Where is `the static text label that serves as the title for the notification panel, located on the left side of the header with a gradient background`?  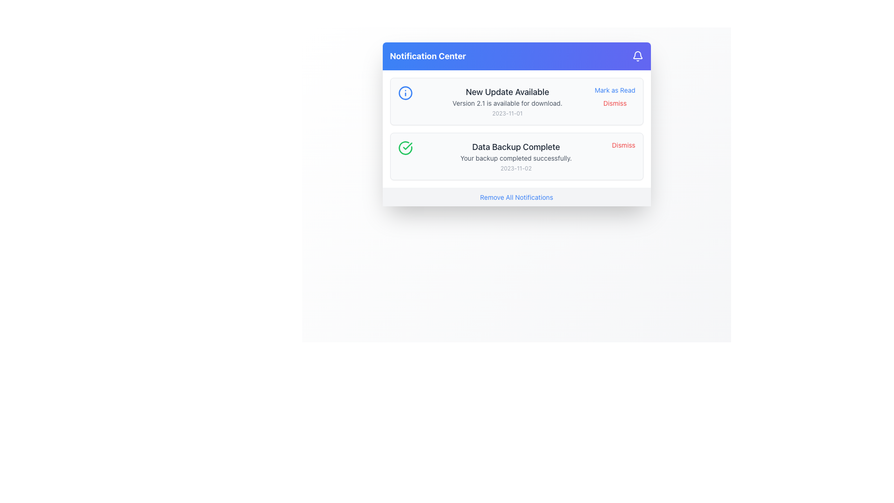 the static text label that serves as the title for the notification panel, located on the left side of the header with a gradient background is located at coordinates (427, 56).